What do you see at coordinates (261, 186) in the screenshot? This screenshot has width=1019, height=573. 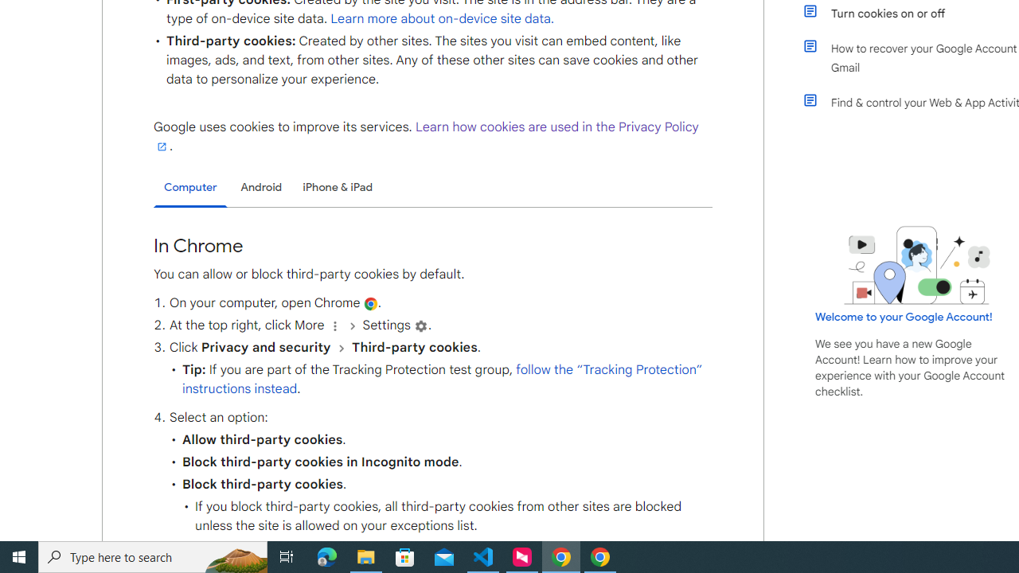 I see `'Android'` at bounding box center [261, 186].